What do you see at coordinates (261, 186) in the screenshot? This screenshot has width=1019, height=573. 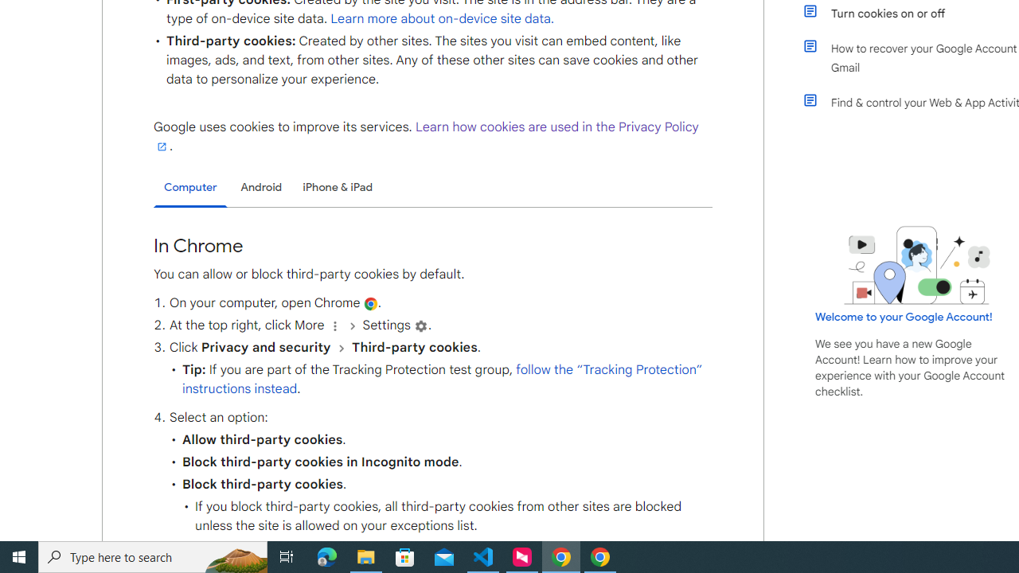 I see `'Android'` at bounding box center [261, 186].